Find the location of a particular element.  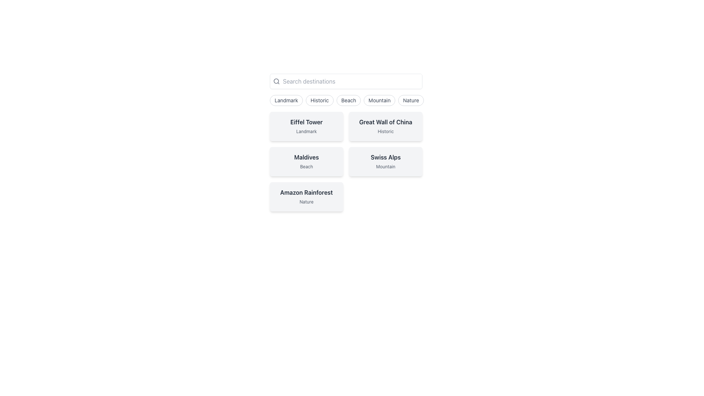

the fifth button in the row below the search bar is located at coordinates (411, 100).